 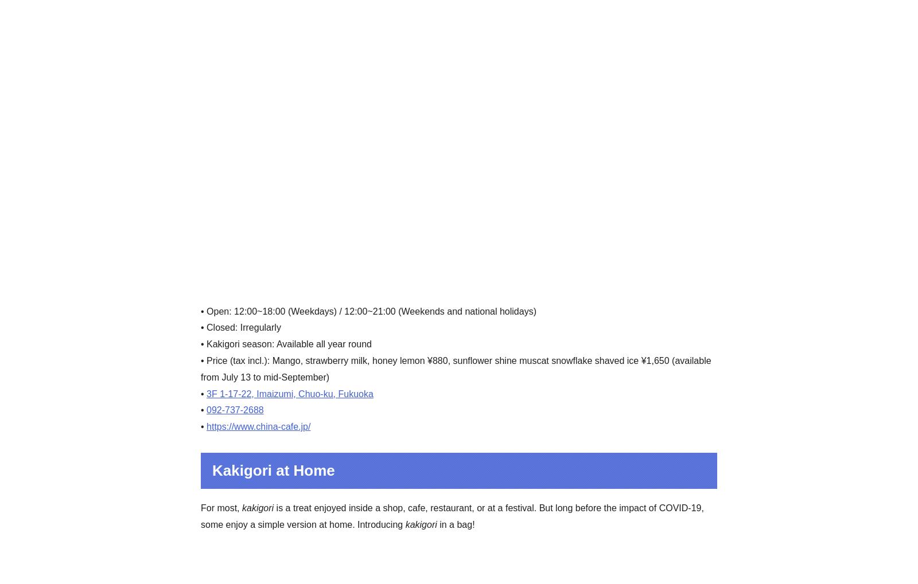 I want to click on '092-737-2688', so click(x=207, y=410).